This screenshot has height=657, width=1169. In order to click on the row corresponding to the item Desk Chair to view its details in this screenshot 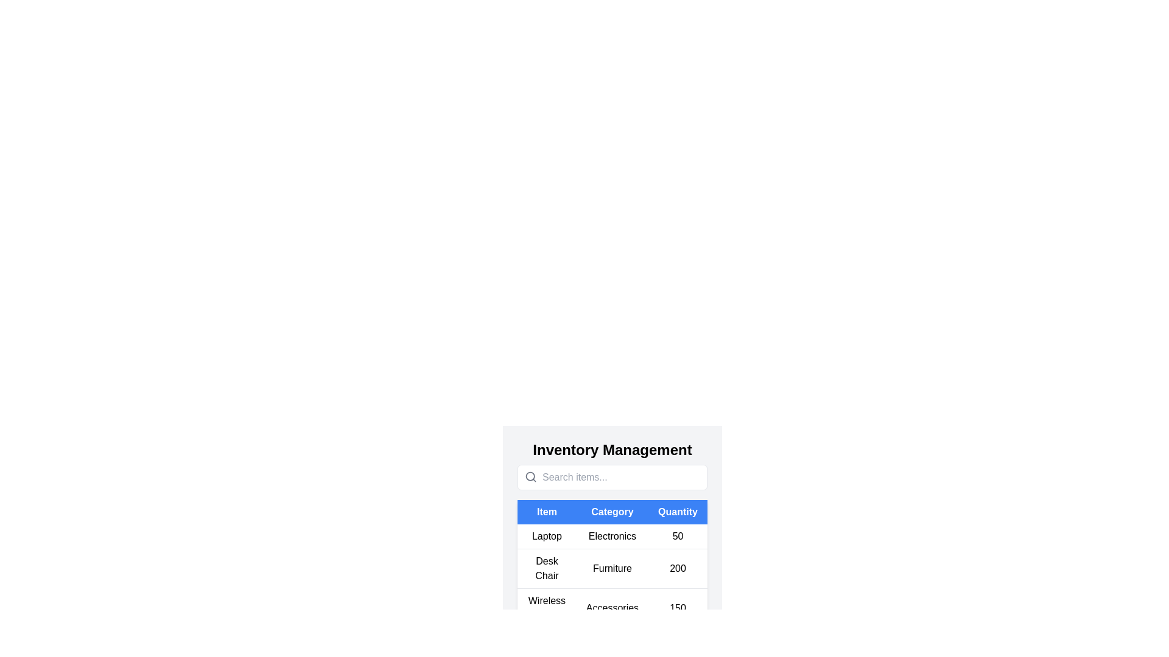, I will do `click(613, 568)`.